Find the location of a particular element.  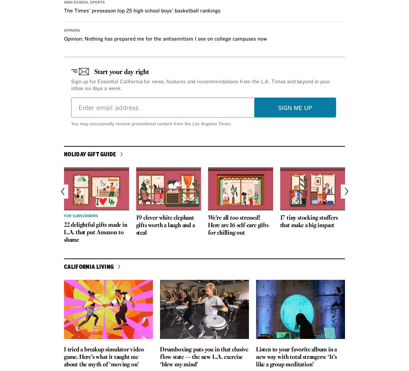

'Sign up for Essential California for news, features and recommendations from the L.A. Times and beyond in your inbox six days a week.' is located at coordinates (200, 85).